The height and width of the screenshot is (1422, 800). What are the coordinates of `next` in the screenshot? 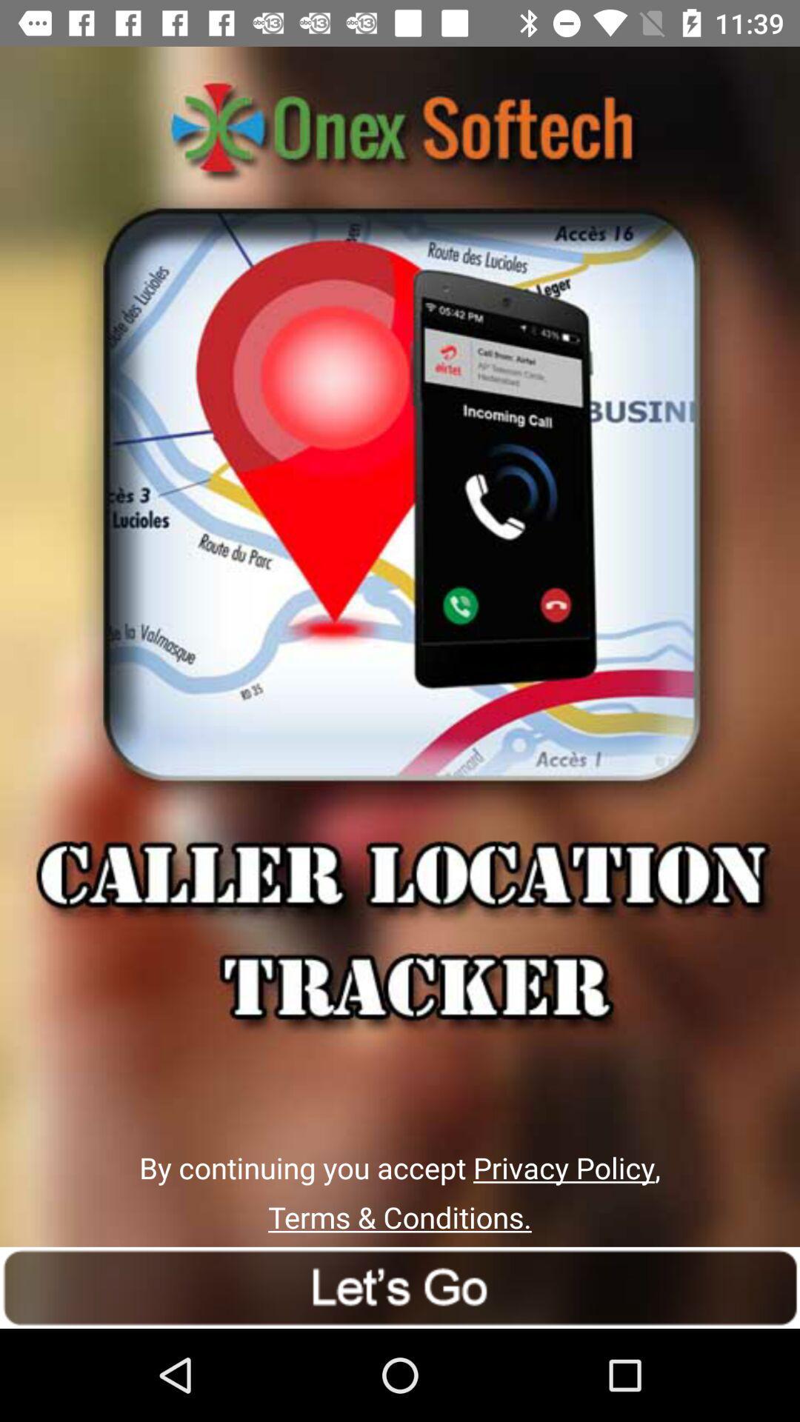 It's located at (400, 1286).